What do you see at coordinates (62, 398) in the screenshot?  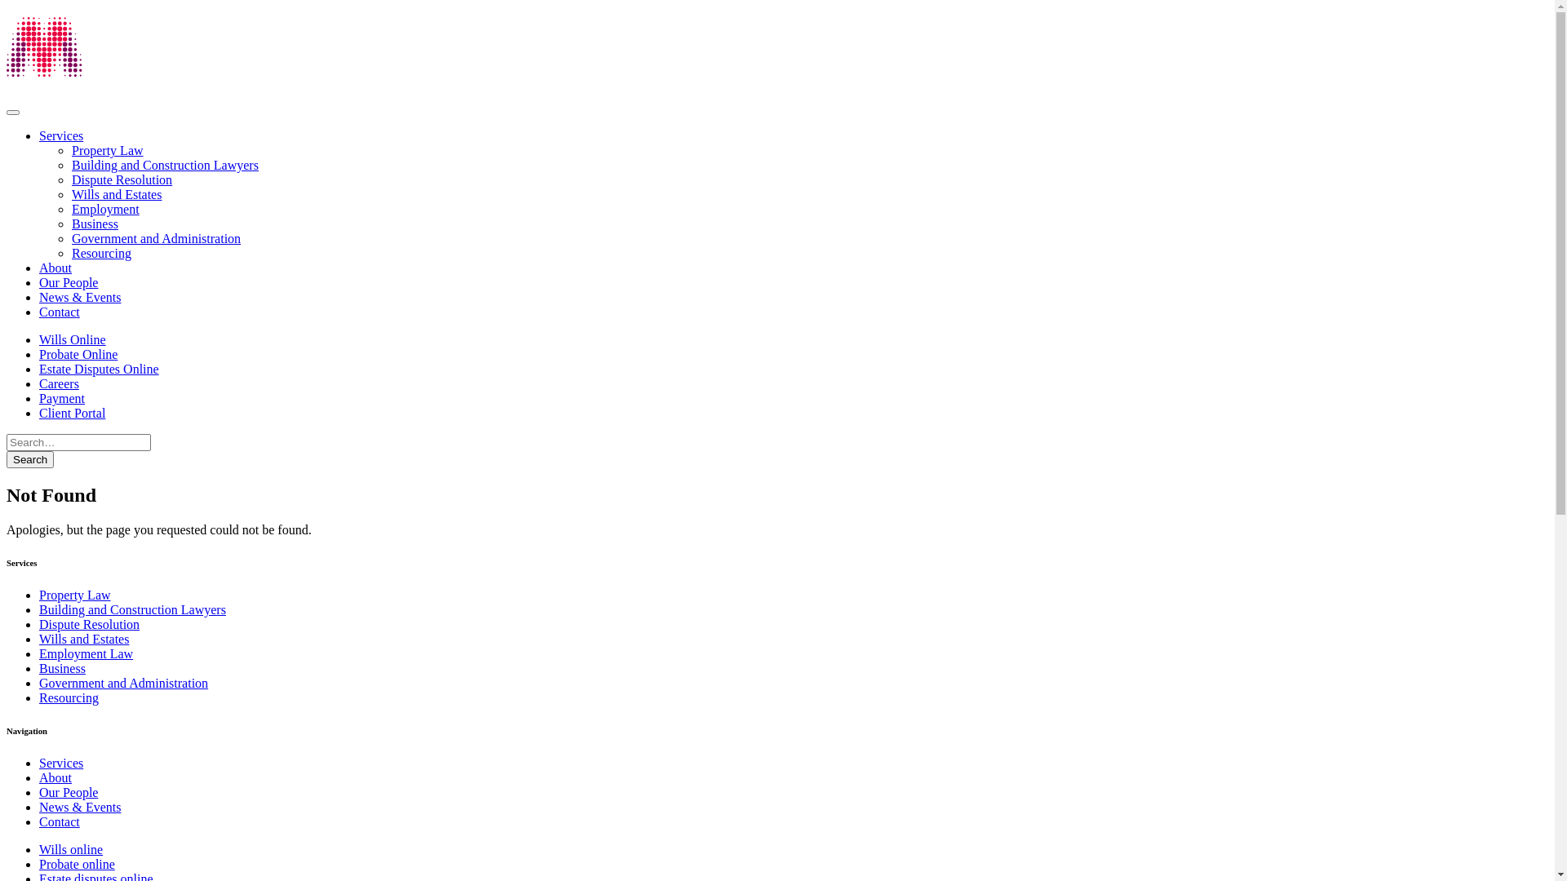 I see `'Payment'` at bounding box center [62, 398].